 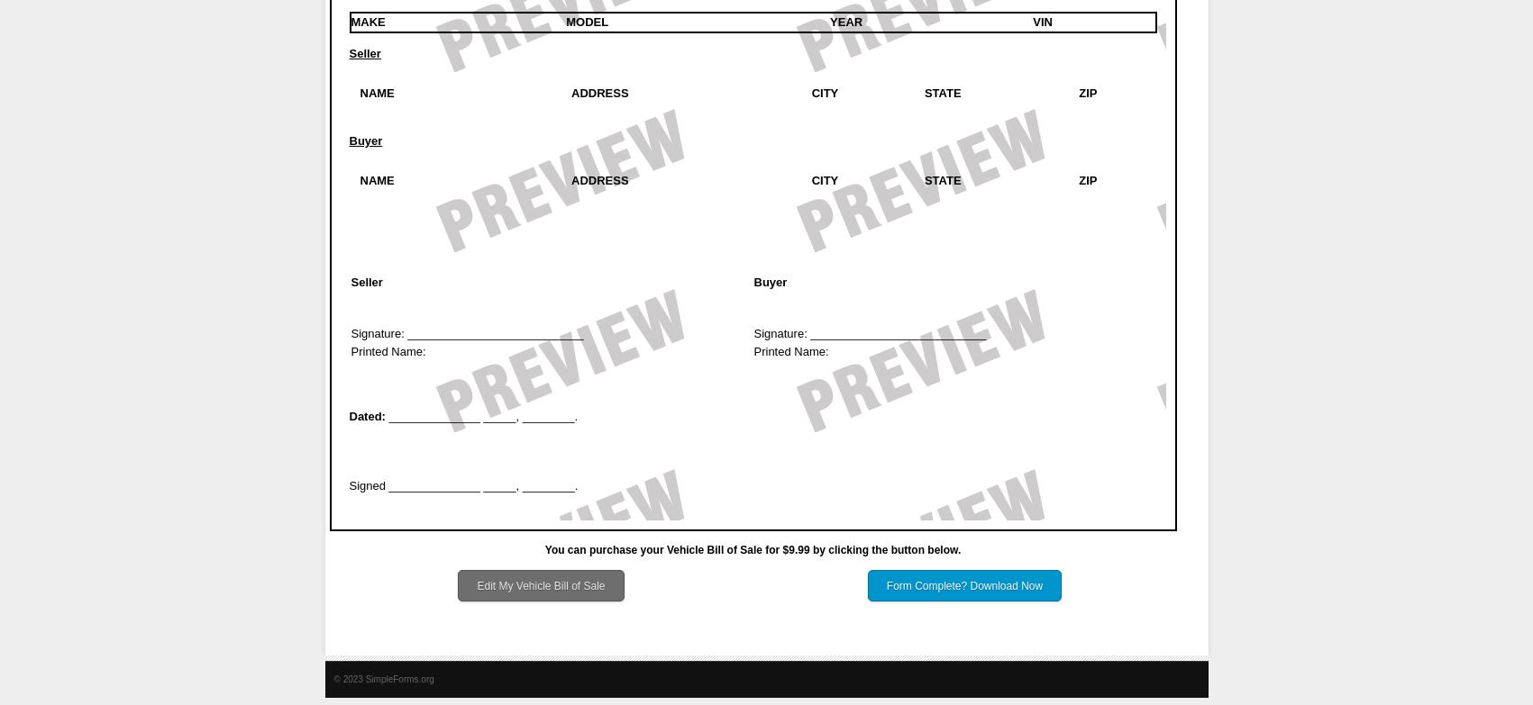 What do you see at coordinates (844, 22) in the screenshot?
I see `'YEAR'` at bounding box center [844, 22].